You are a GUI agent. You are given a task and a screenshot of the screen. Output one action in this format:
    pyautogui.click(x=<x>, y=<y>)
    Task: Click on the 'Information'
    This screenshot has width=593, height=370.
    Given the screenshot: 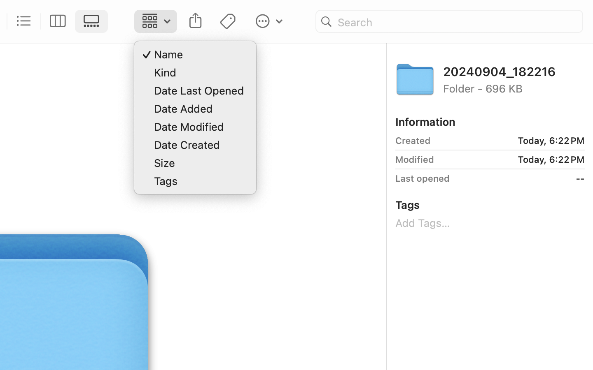 What is the action you would take?
    pyautogui.click(x=425, y=121)
    